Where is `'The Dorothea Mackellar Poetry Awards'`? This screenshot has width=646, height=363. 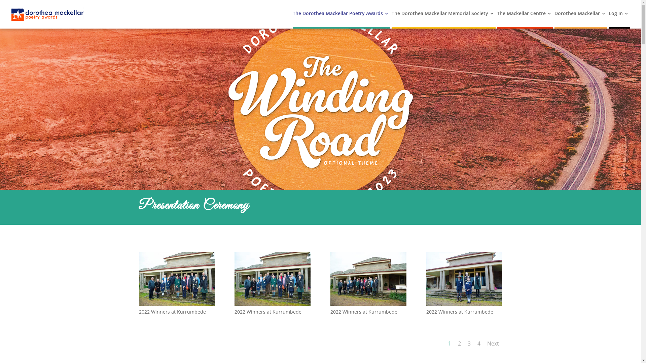 'The Dorothea Mackellar Poetry Awards' is located at coordinates (340, 18).